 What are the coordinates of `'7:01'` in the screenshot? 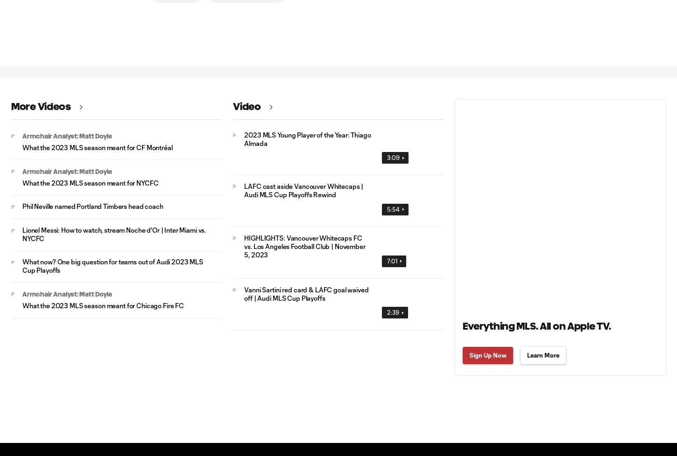 It's located at (386, 261).